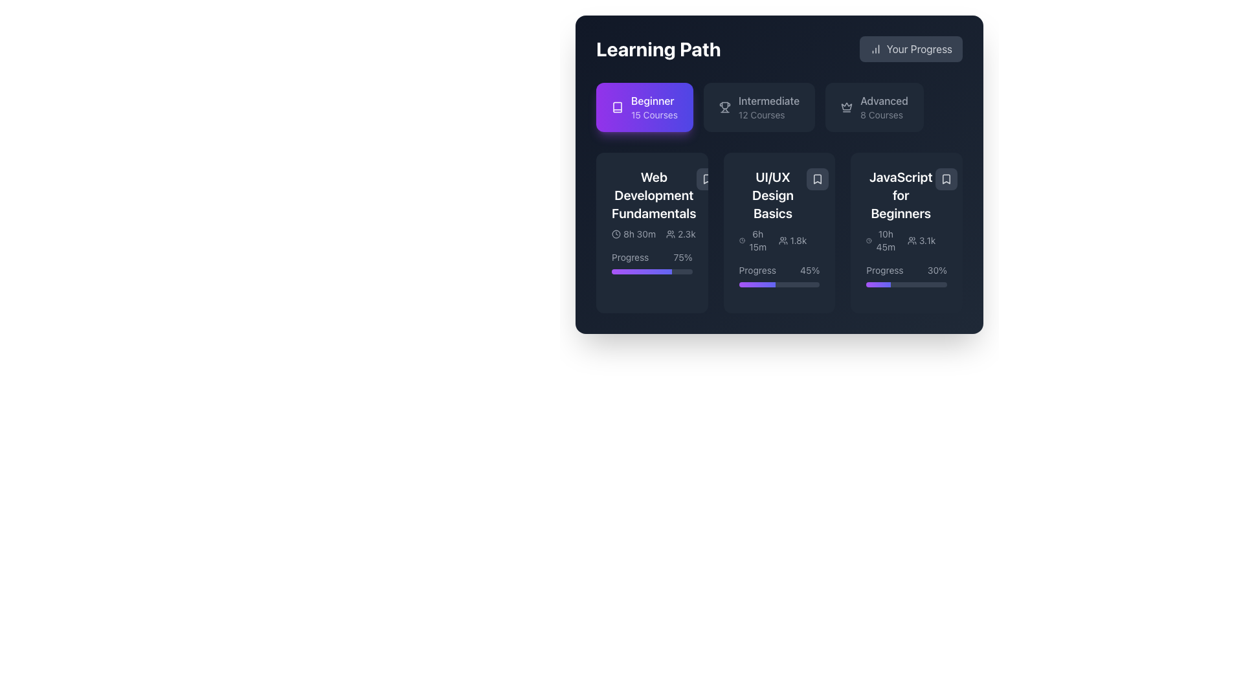  I want to click on the progress indicator for the 'Web Development Fundamentals' course, which shows 'Progress 75%' and has a gradient progress bar, so click(652, 262).